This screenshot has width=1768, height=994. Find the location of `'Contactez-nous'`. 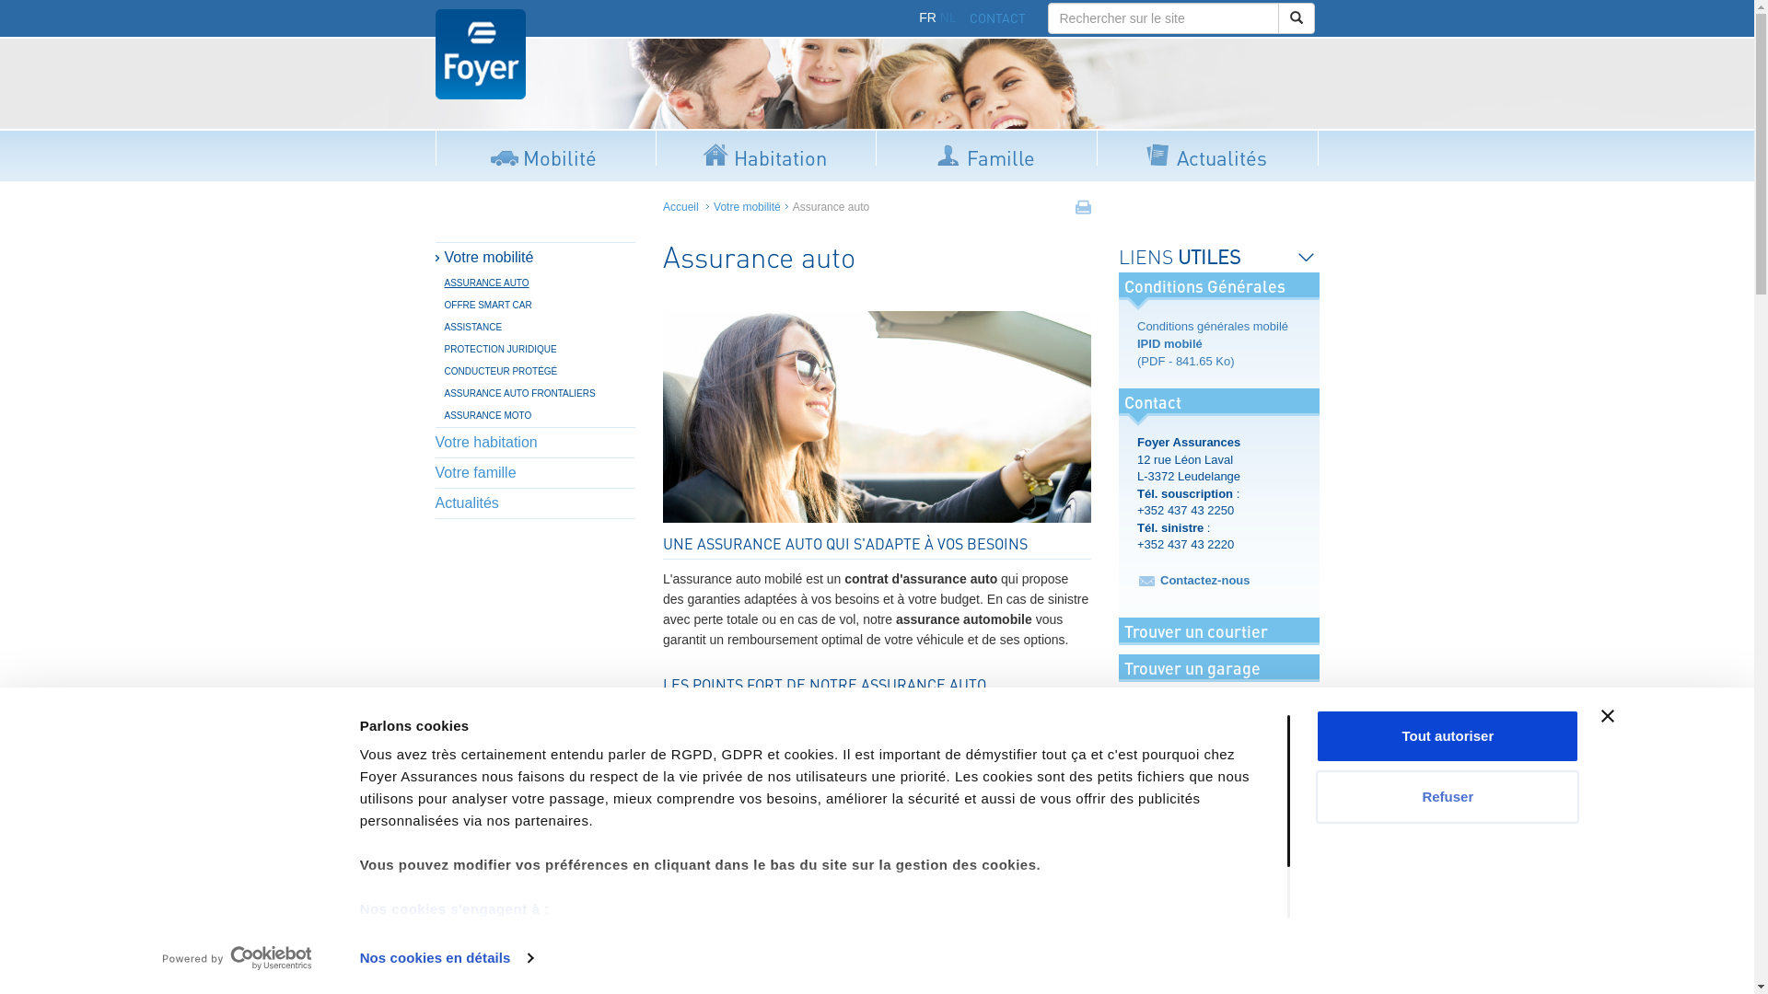

'Contactez-nous' is located at coordinates (1158, 580).